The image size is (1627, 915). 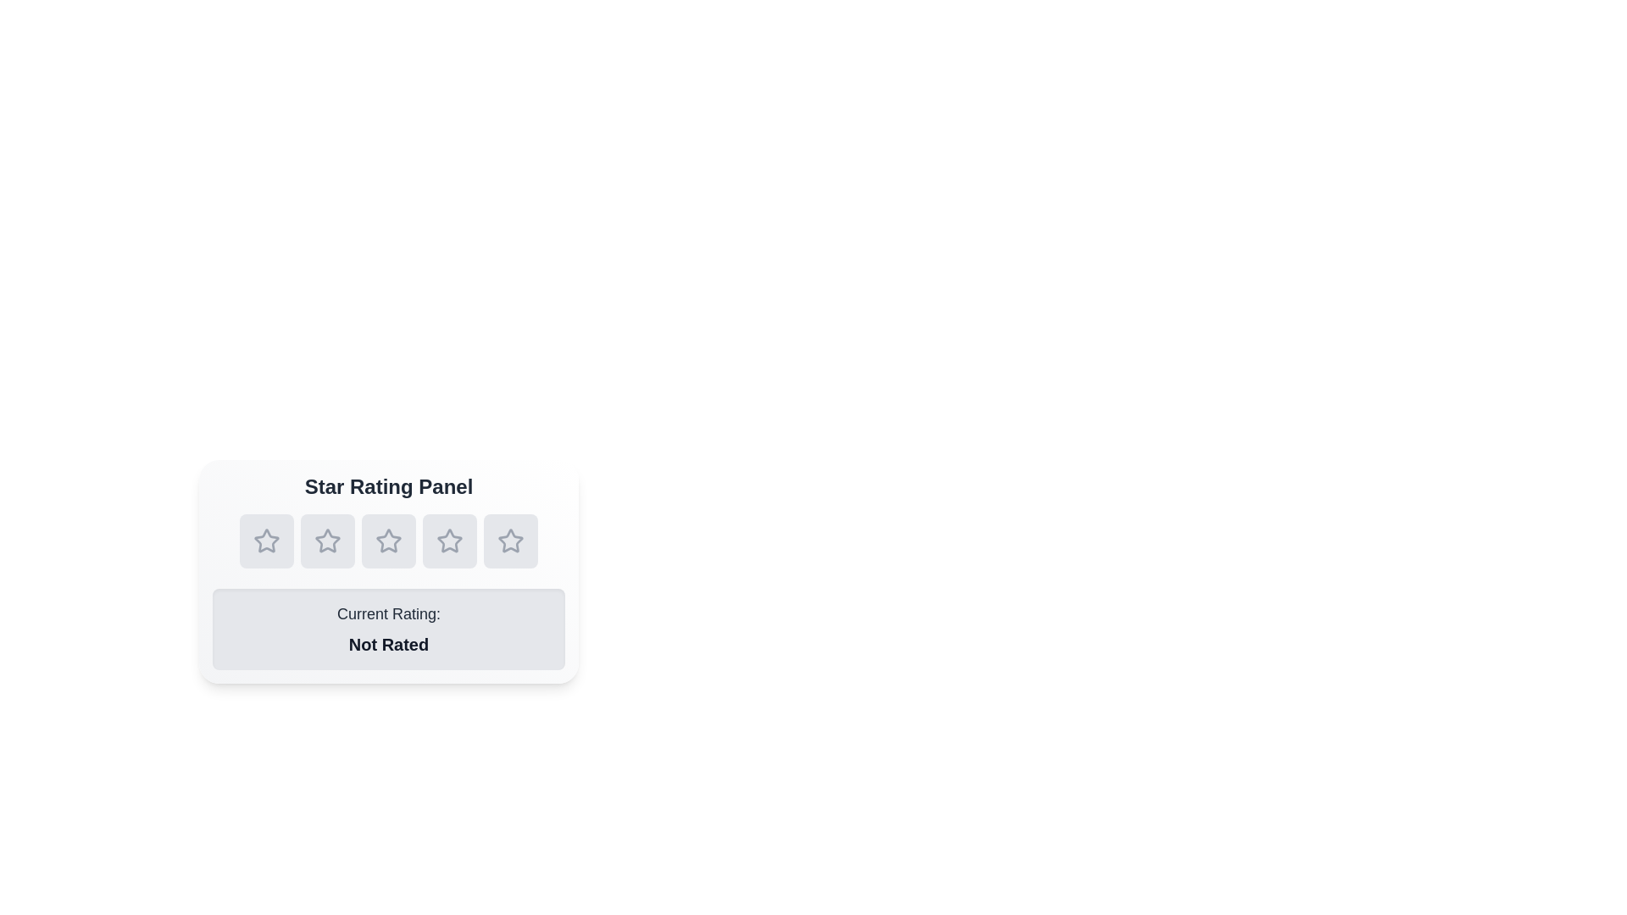 What do you see at coordinates (388, 541) in the screenshot?
I see `the third interactive star icon from the left in the rating system` at bounding box center [388, 541].